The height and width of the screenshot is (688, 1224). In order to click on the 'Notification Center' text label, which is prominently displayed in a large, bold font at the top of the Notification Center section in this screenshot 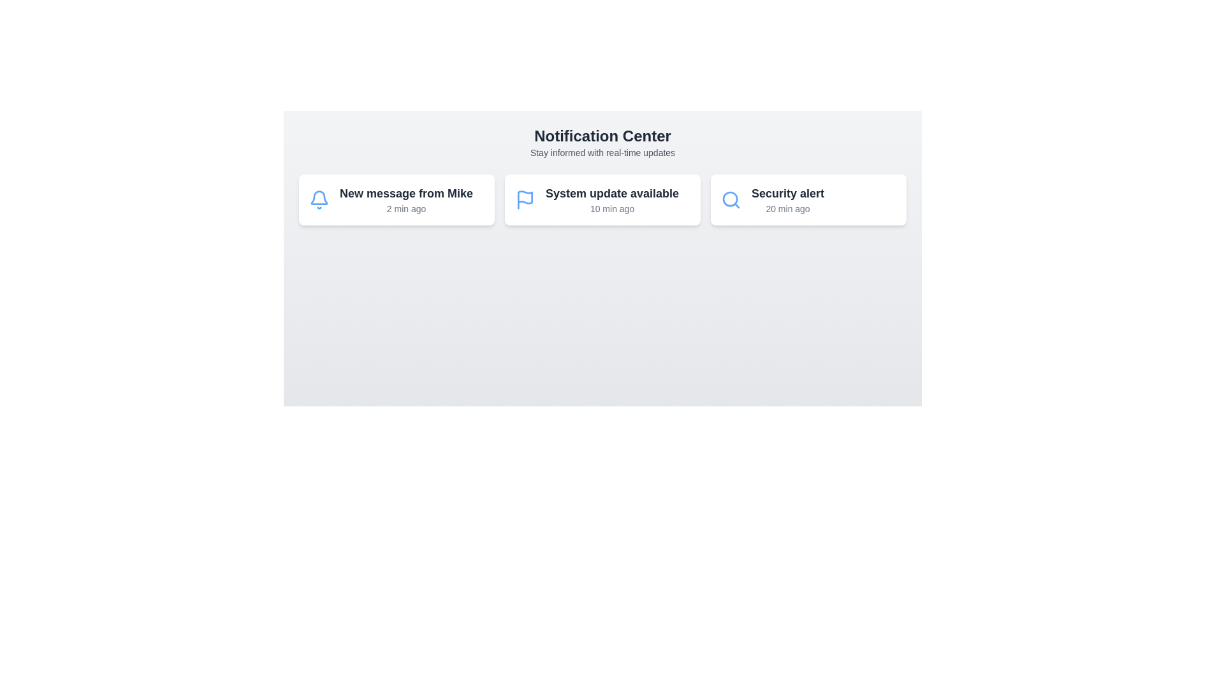, I will do `click(602, 136)`.